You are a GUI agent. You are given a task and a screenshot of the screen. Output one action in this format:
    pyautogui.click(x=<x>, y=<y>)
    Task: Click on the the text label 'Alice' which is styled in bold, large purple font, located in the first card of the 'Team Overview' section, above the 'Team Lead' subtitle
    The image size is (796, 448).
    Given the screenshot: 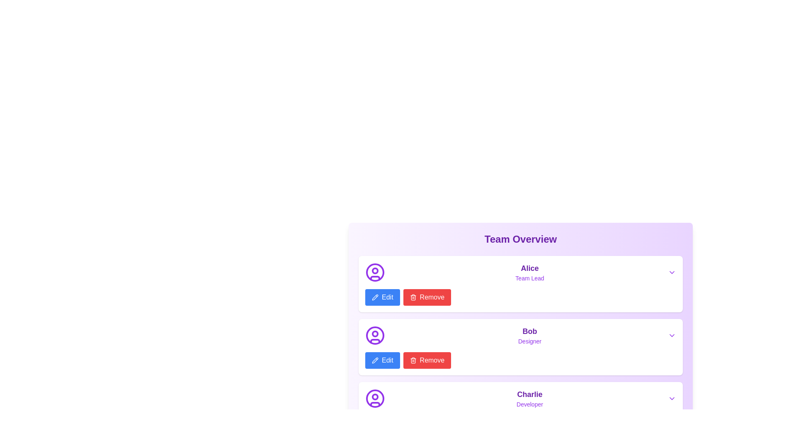 What is the action you would take?
    pyautogui.click(x=529, y=268)
    